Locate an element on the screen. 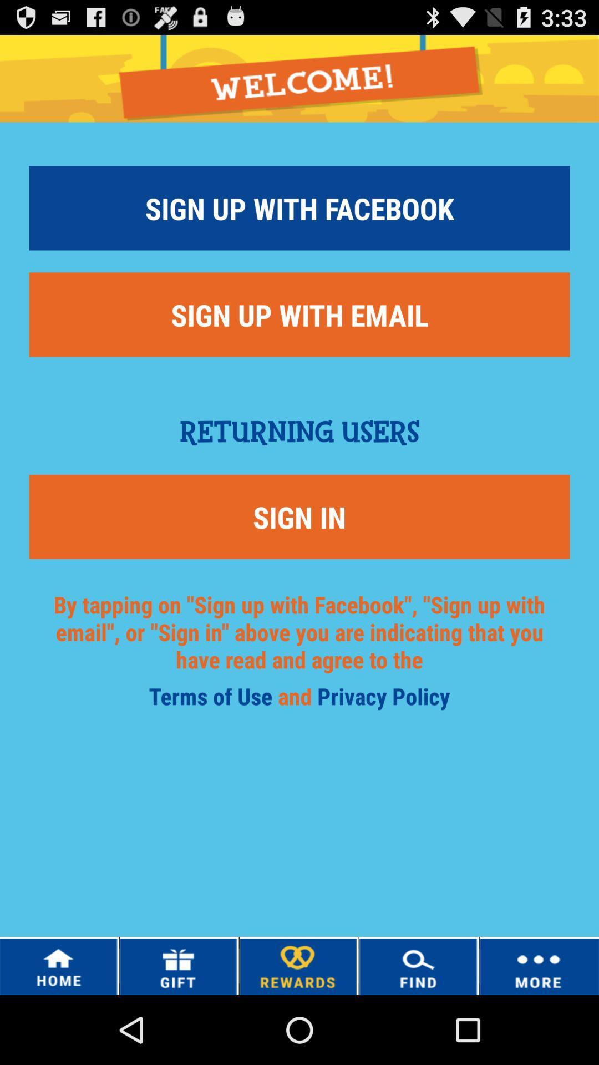  item to the right of and is located at coordinates (383, 699).